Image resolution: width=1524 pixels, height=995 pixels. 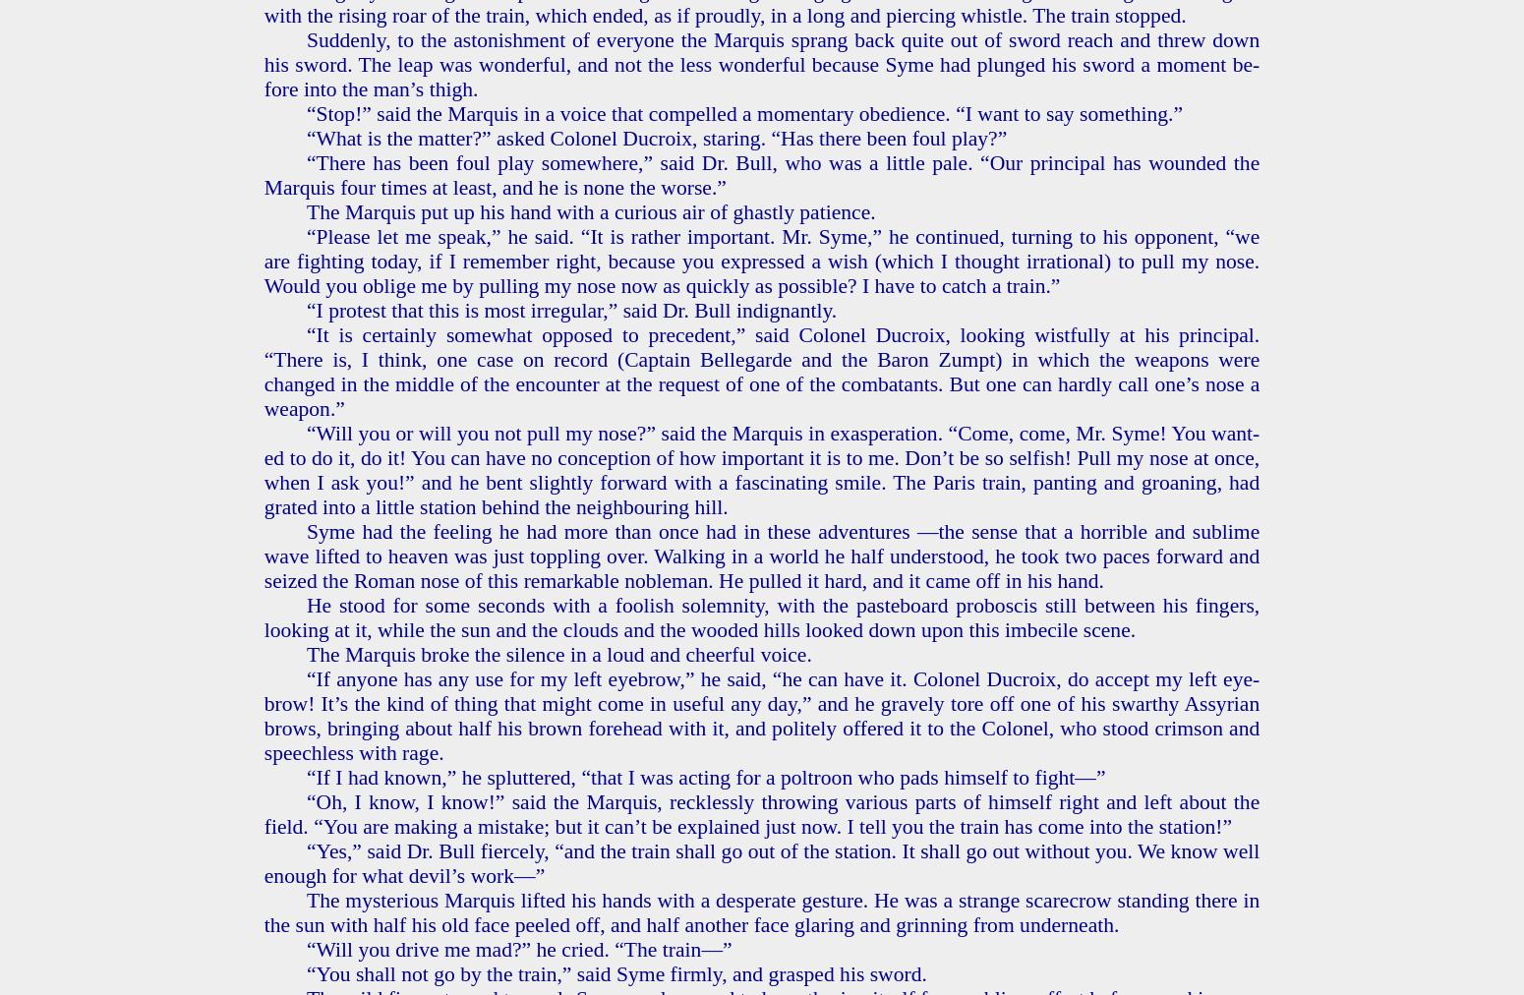 I want to click on '“I protest that this is most ir­reg­u­lar,” said Dr. Bull in­dig­nant­ly.', so click(x=305, y=309).